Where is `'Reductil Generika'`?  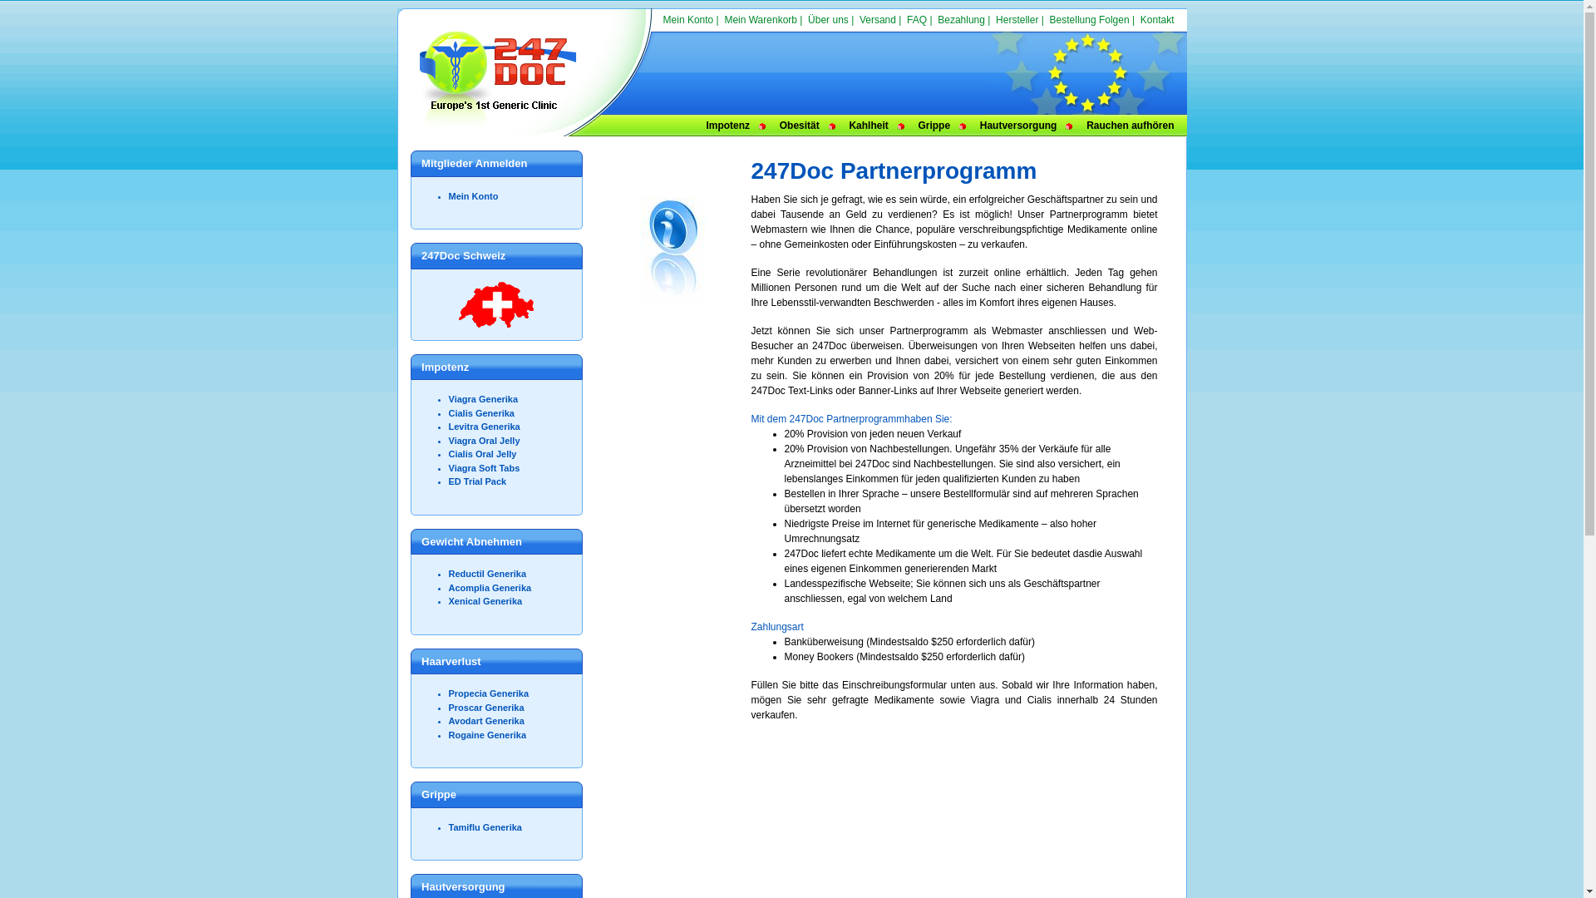 'Reductil Generika' is located at coordinates (486, 573).